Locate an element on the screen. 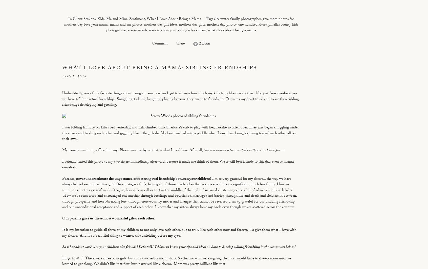 The height and width of the screenshot is (269, 428). 'I actually texted this photo to my two sisters immediately afterward, because it made me think of them. We're still best friends to this day, even as mamas ourselves.' is located at coordinates (178, 165).